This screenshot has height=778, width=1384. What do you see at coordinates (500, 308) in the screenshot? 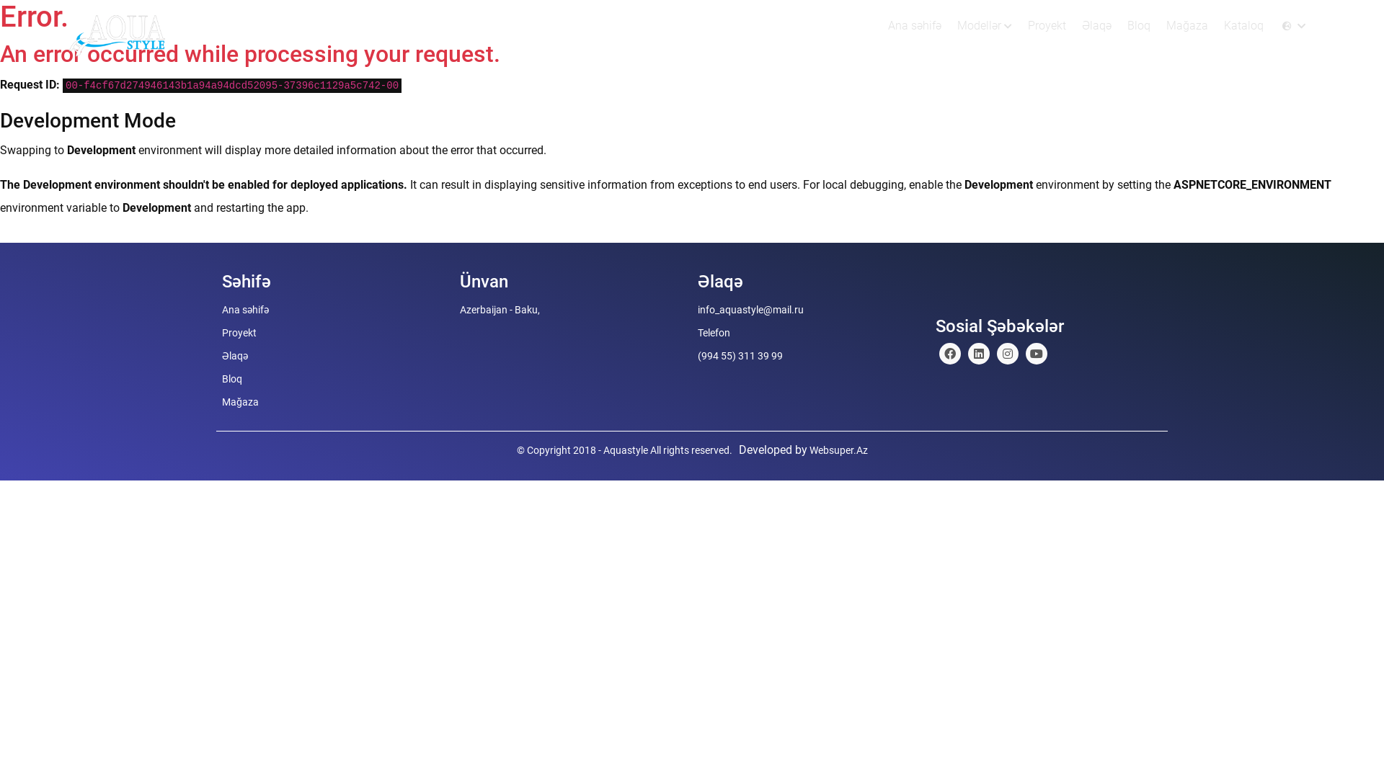
I see `'Azerbaijan - Baku,'` at bounding box center [500, 308].